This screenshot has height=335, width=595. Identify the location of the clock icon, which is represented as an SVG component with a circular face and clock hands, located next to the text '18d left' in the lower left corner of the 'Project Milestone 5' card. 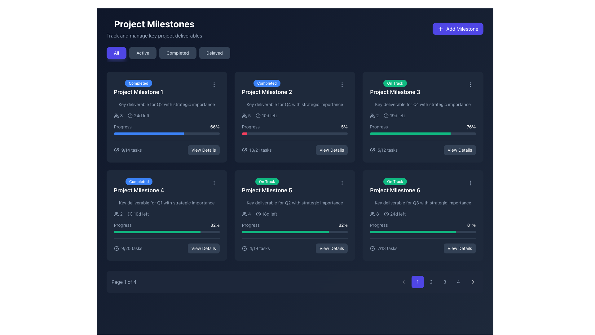
(258, 214).